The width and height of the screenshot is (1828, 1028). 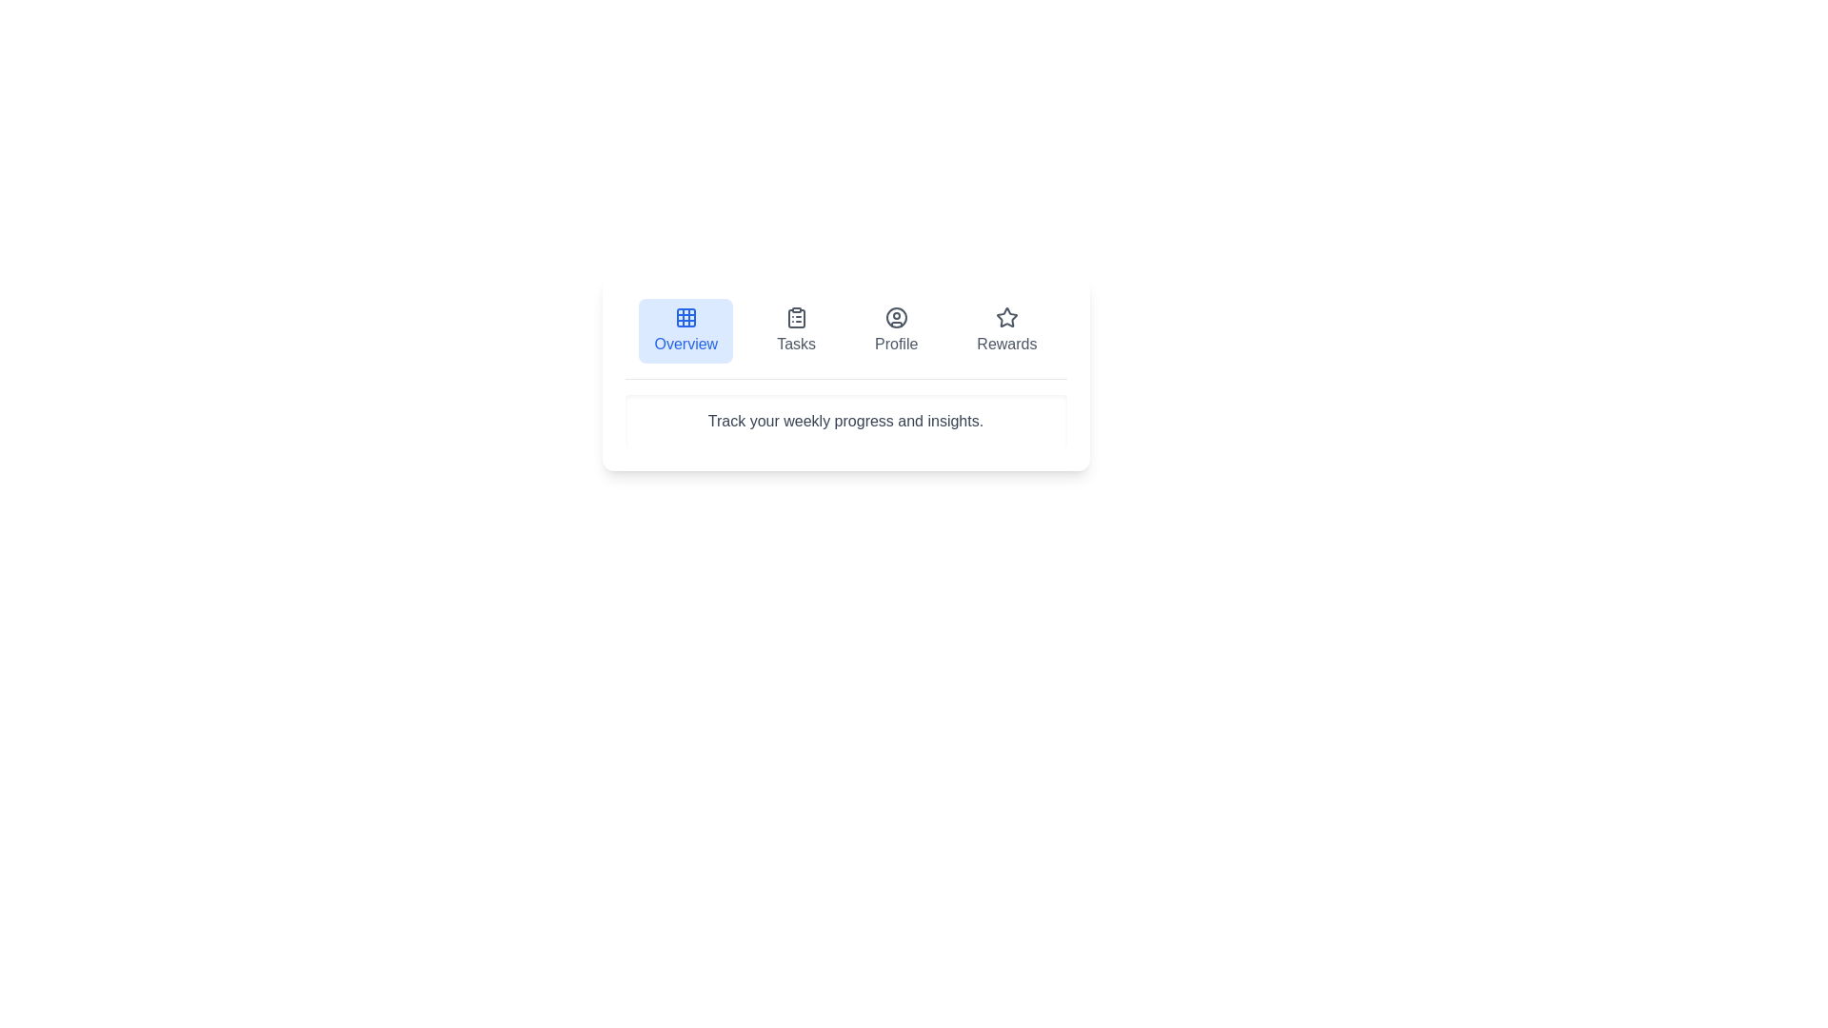 What do you see at coordinates (796, 317) in the screenshot?
I see `the SVG icon representing the 'Tasks' functionality, located in the second navigation button of the menu bar at the top center of the interface` at bounding box center [796, 317].